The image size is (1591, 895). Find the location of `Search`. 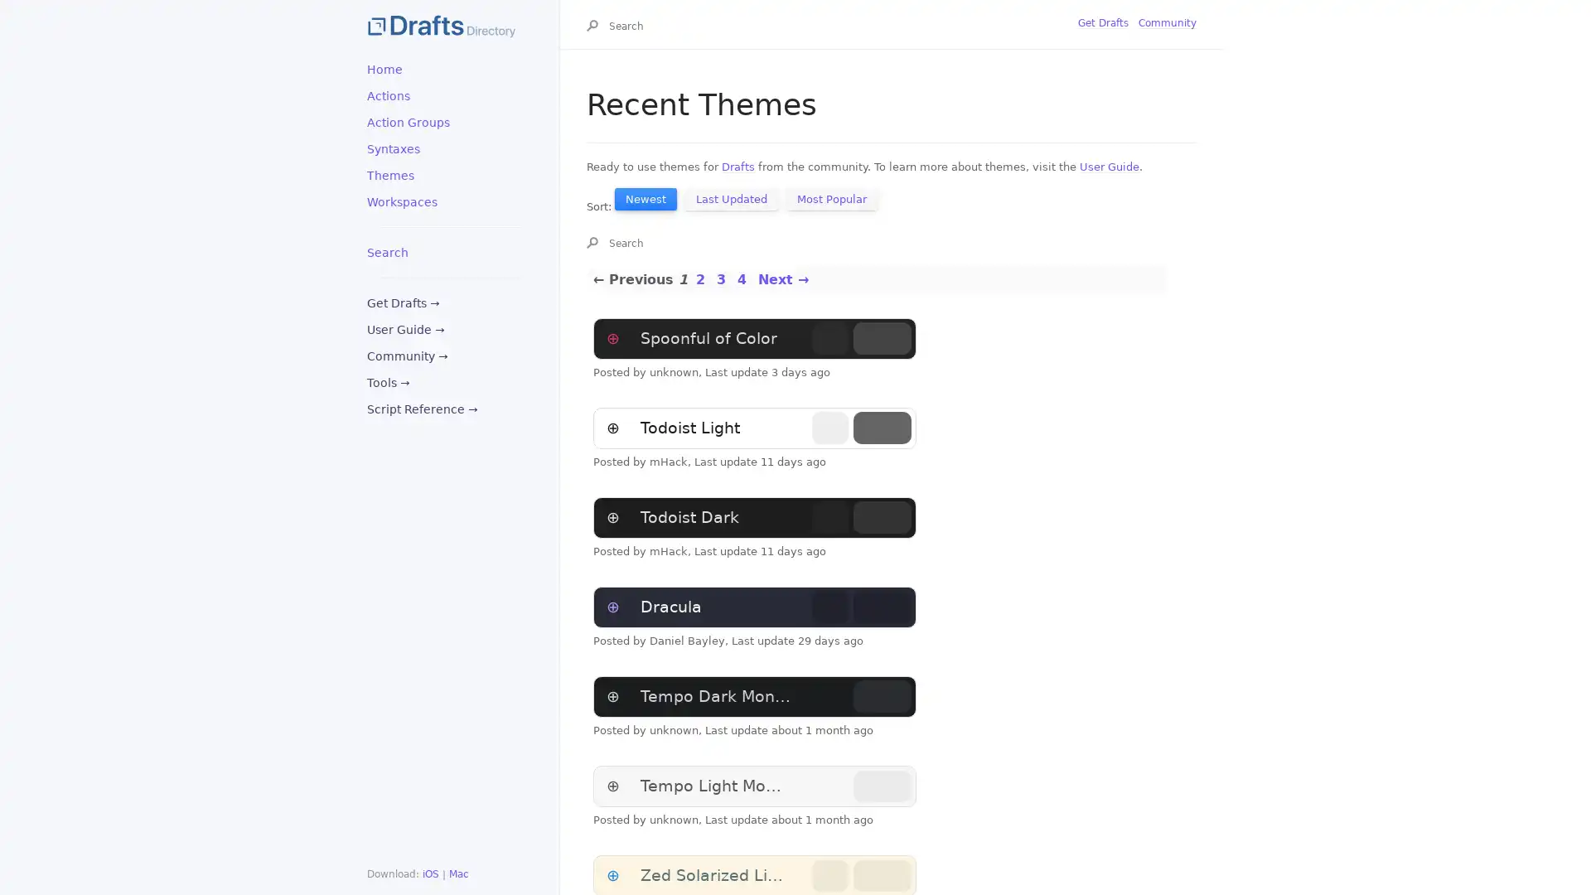

Search is located at coordinates (596, 243).